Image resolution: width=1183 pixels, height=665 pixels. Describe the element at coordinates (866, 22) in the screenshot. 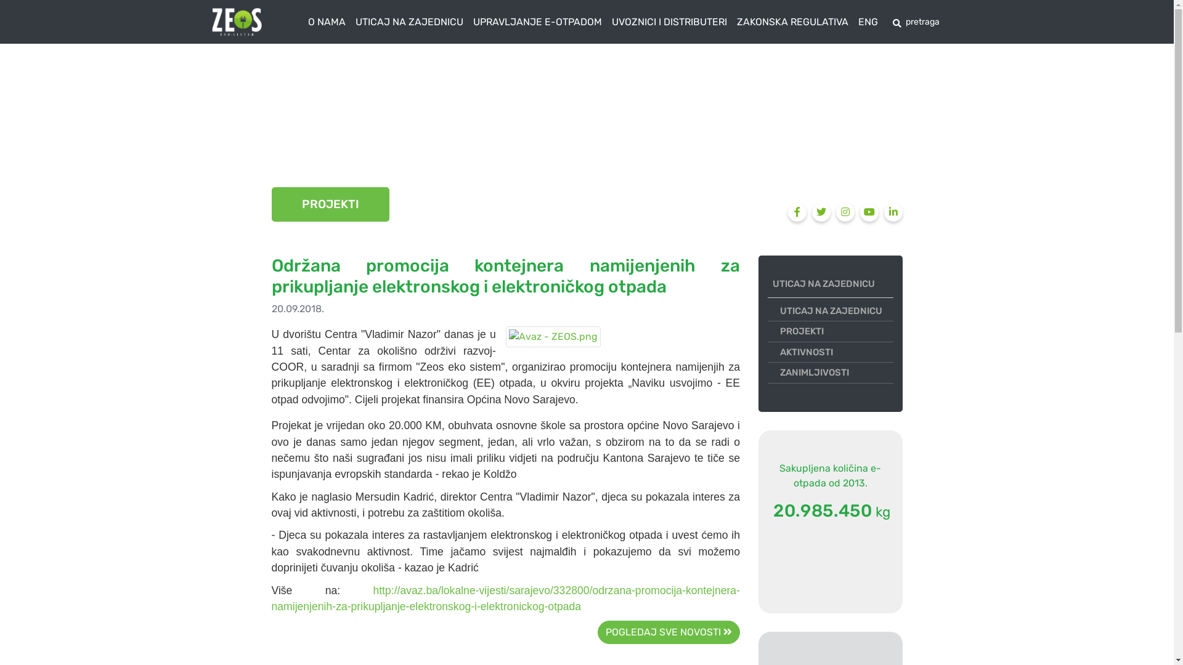

I see `'ENG'` at that location.